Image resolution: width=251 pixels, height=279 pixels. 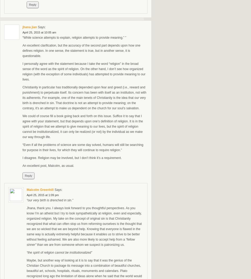 What do you see at coordinates (81, 50) in the screenshot?
I see `'An excellent clarification, but the accuracy of the second part depends upon how one defines religion.  In one sense, the statement is true, but in another sense, it is questionable.'` at bounding box center [81, 50].